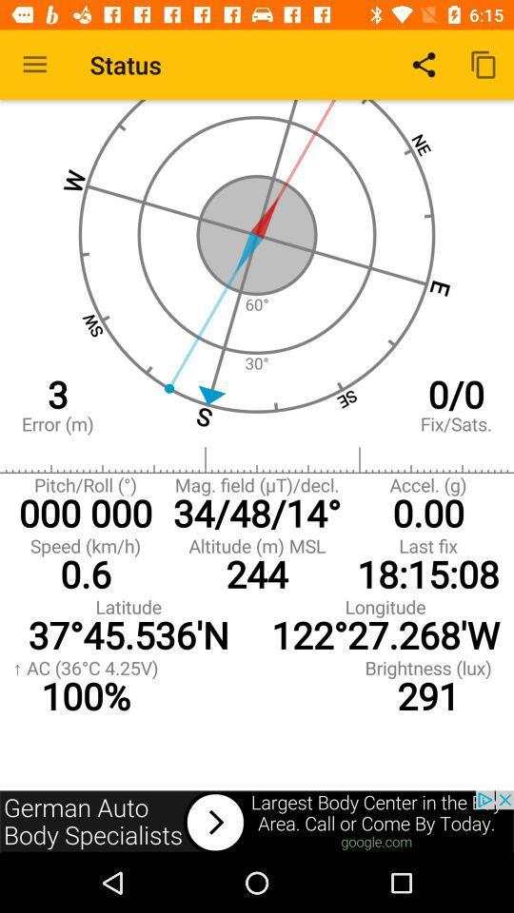 This screenshot has width=514, height=913. What do you see at coordinates (257, 821) in the screenshot?
I see `redirect to advertisement` at bounding box center [257, 821].